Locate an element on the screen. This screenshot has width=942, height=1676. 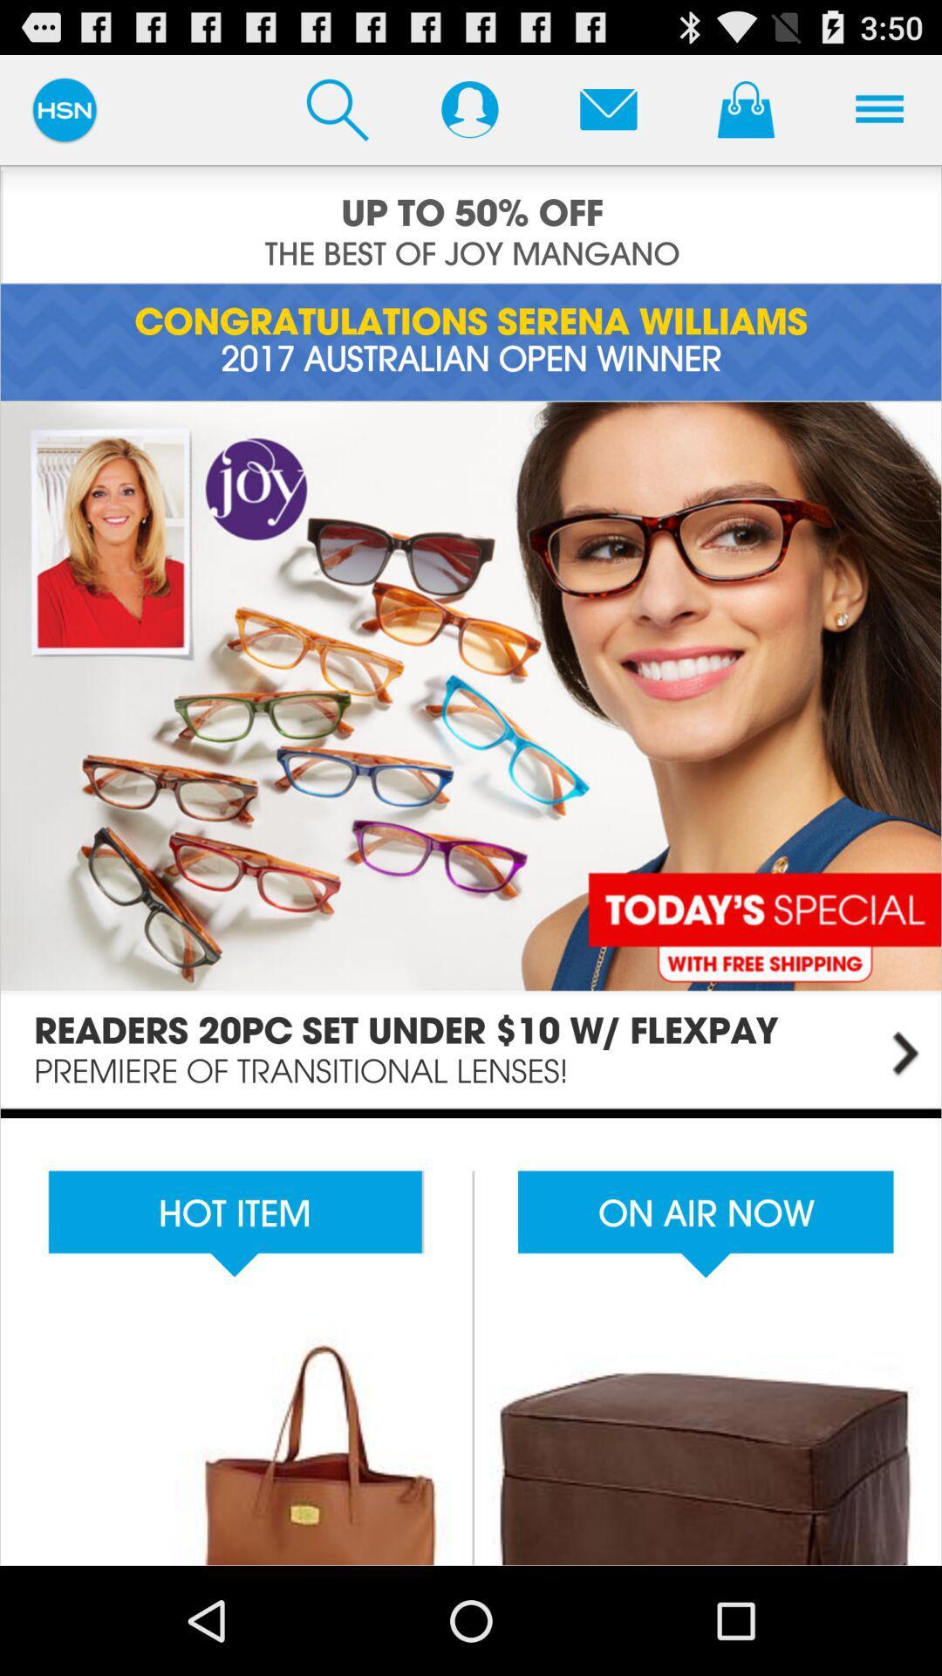
page is located at coordinates (471, 754).